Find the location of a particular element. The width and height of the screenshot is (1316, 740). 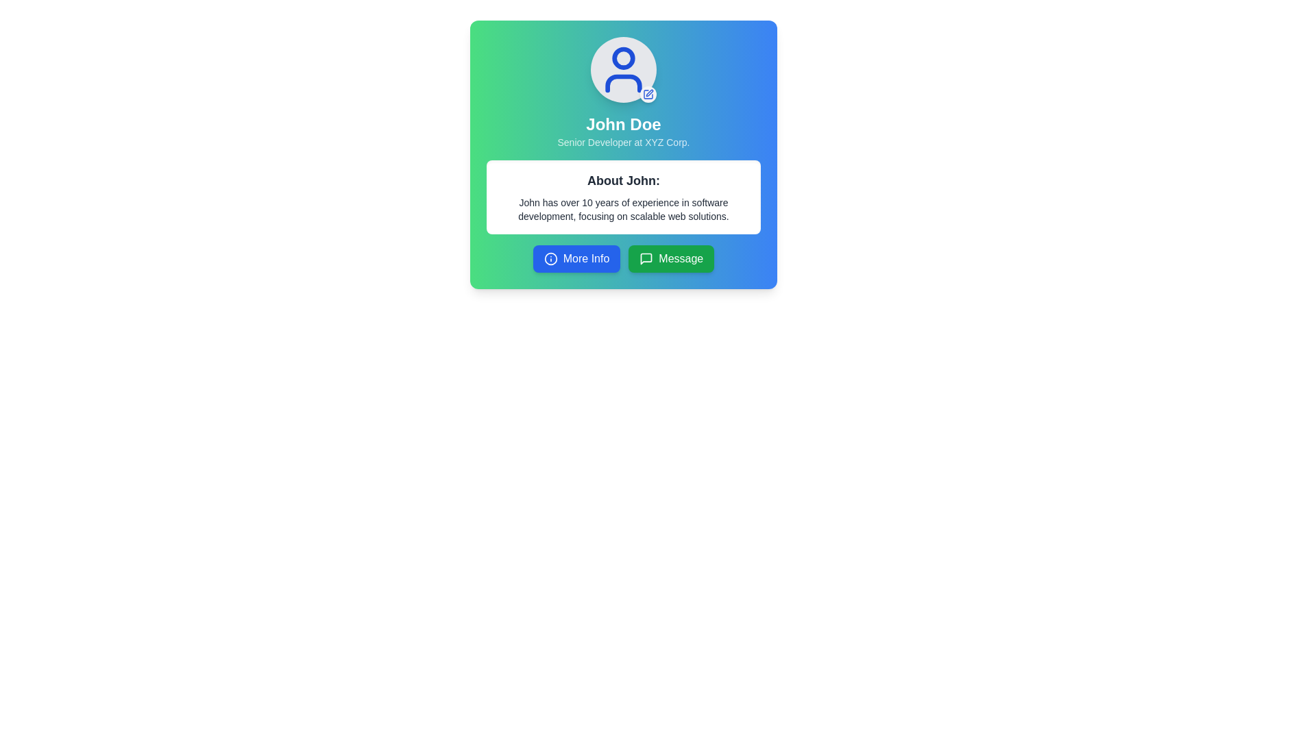

the decorative graphic component of the user profile icon located at the top area of the profile card, above the name 'John Doe' is located at coordinates (623, 57).